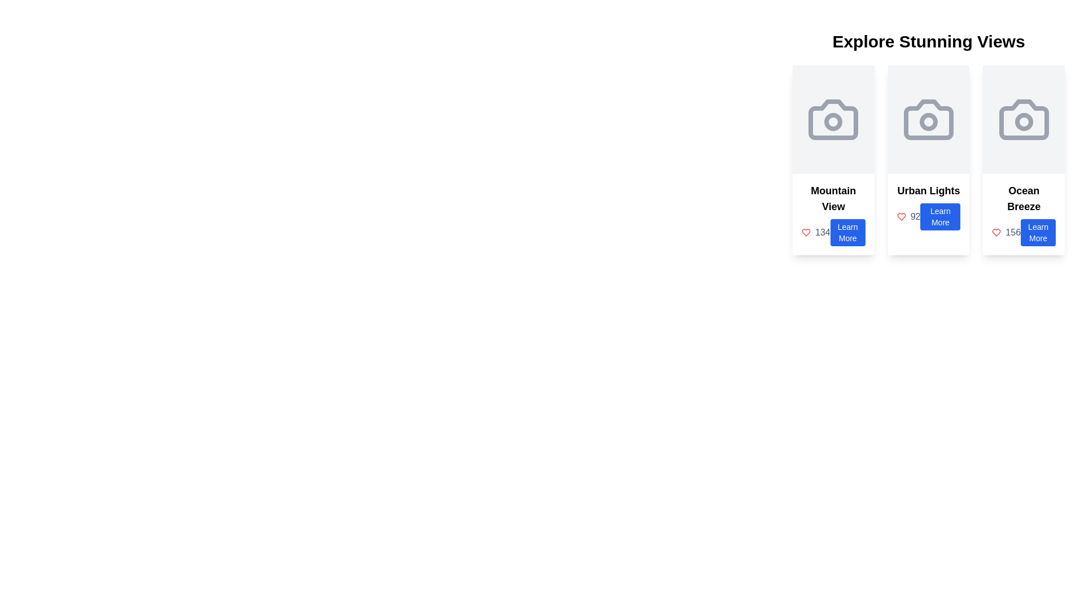  What do you see at coordinates (929, 190) in the screenshot?
I see `static text element displaying 'Urban Lights' located at the top of the second card in a group of three cards, directly under the camera icon` at bounding box center [929, 190].